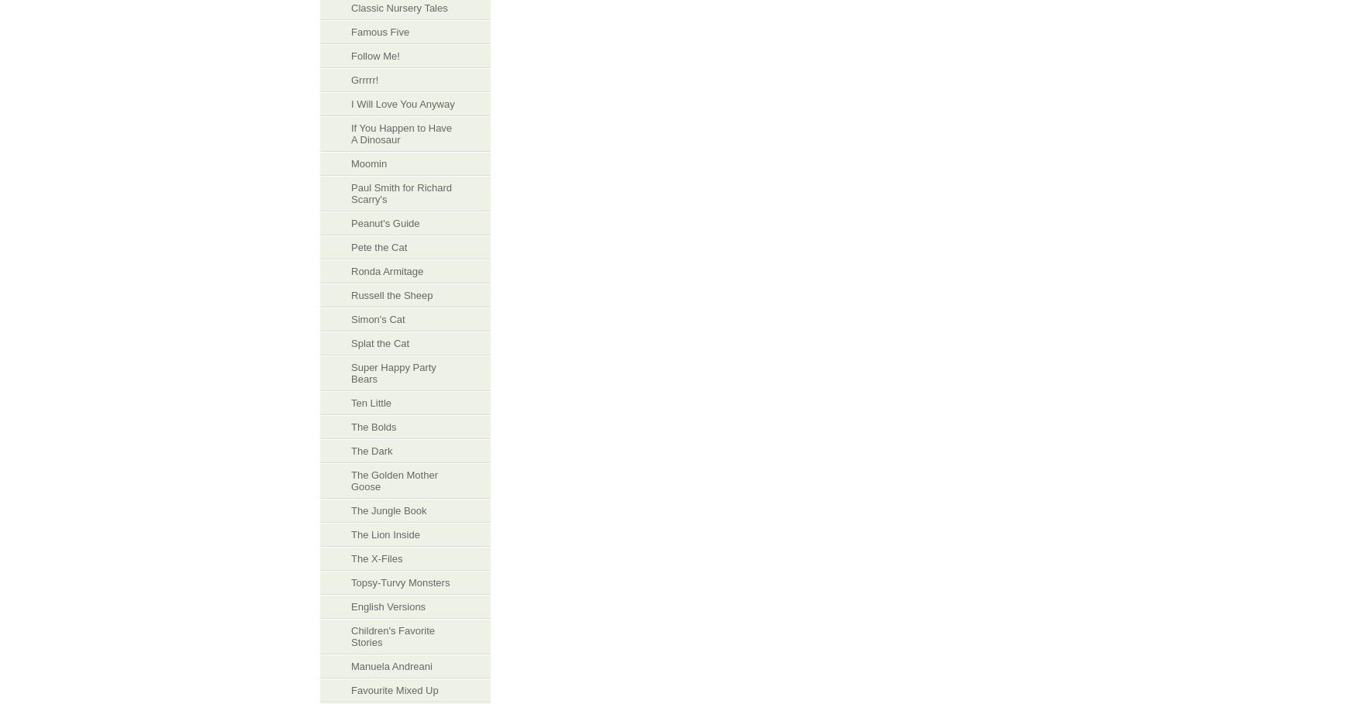 The image size is (1369, 704). Describe the element at coordinates (400, 582) in the screenshot. I see `'Topsy-Turvy Monsters'` at that location.